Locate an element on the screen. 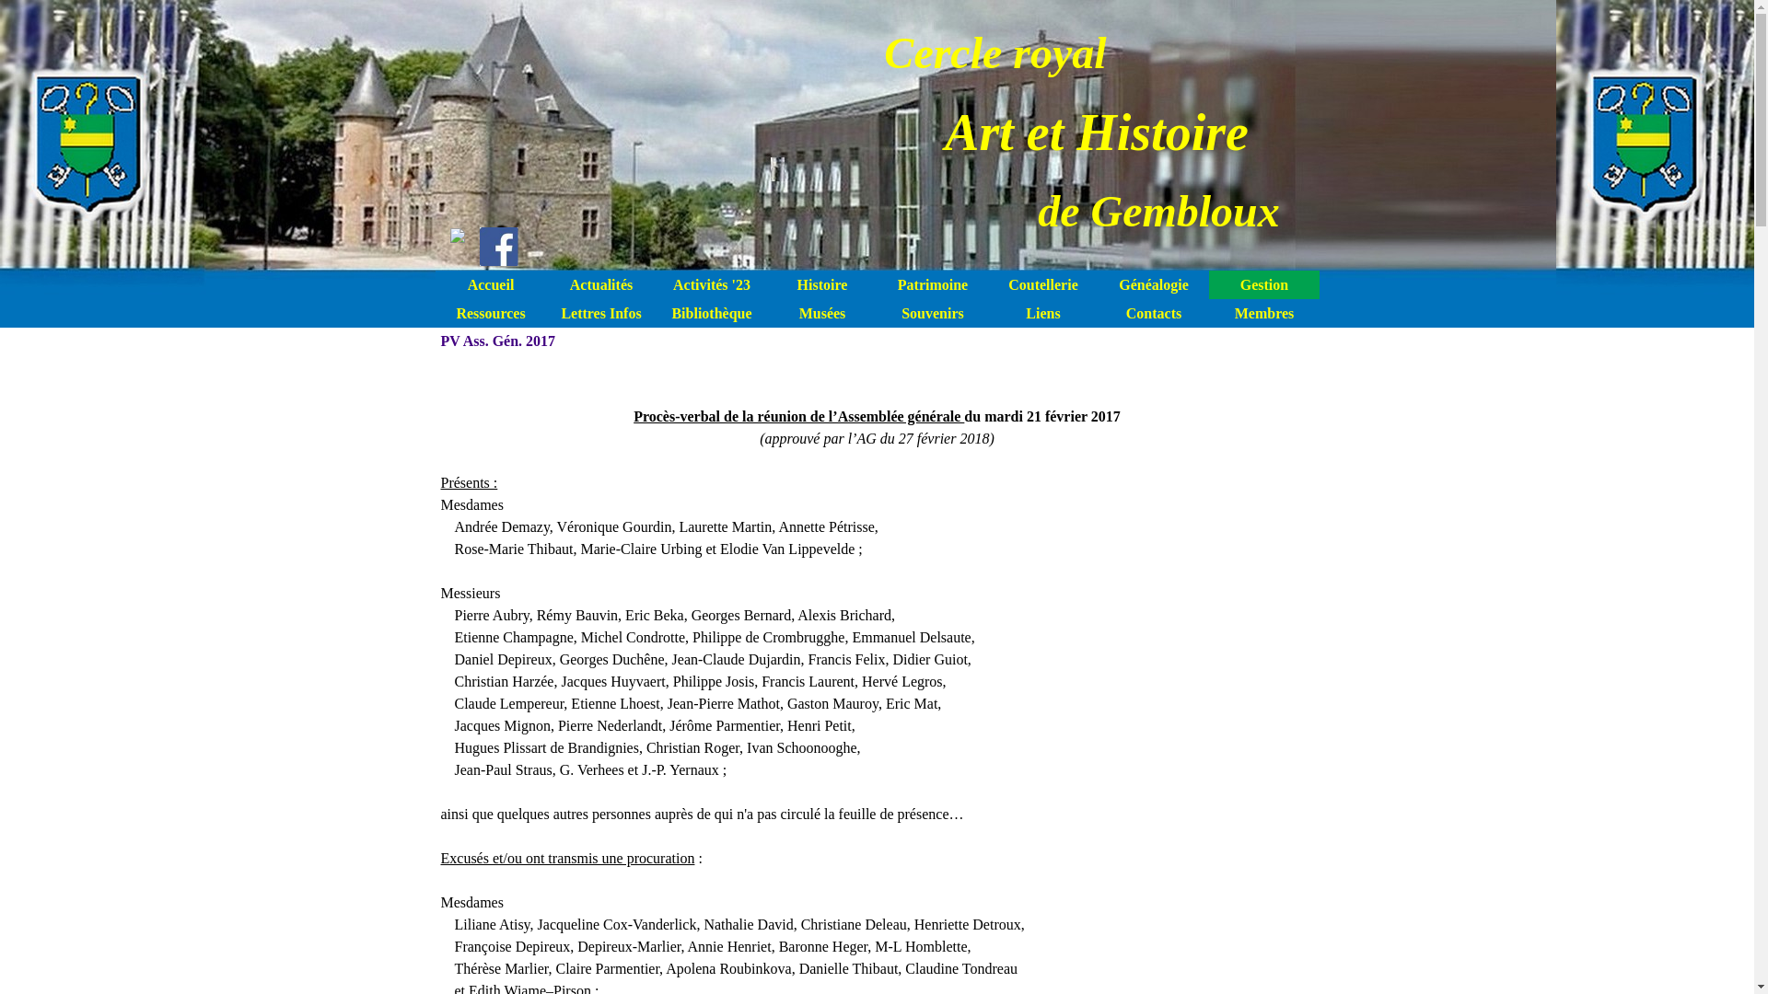 The height and width of the screenshot is (994, 1768). 'Lettres Infos' is located at coordinates (600, 312).